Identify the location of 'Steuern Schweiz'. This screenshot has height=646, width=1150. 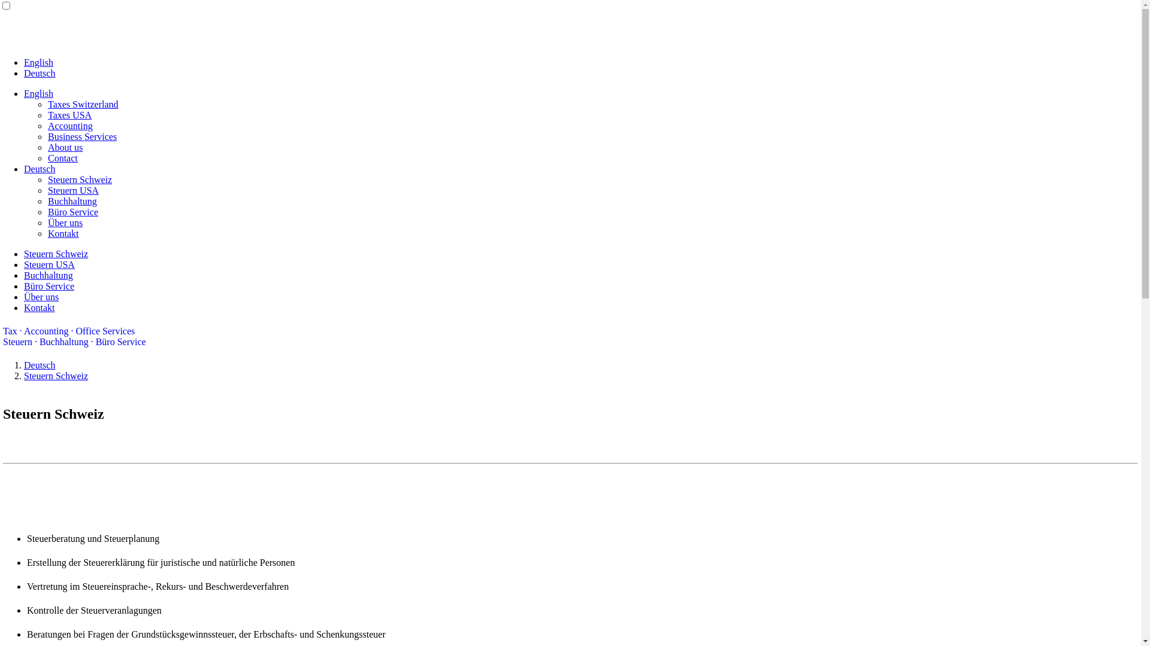
(55, 253).